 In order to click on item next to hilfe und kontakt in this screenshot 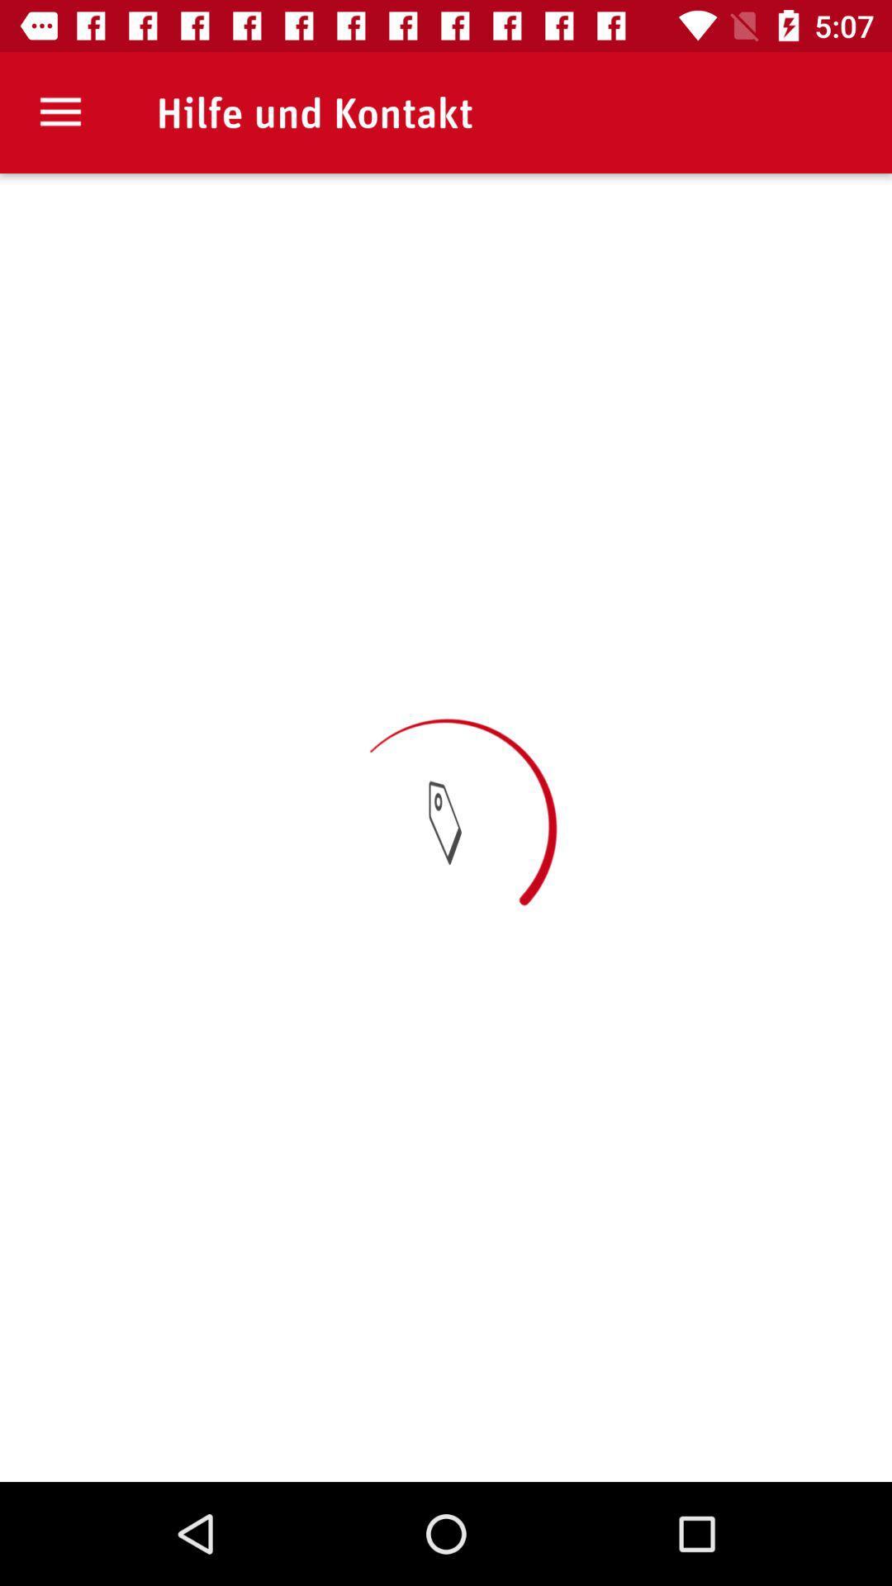, I will do `click(59, 112)`.